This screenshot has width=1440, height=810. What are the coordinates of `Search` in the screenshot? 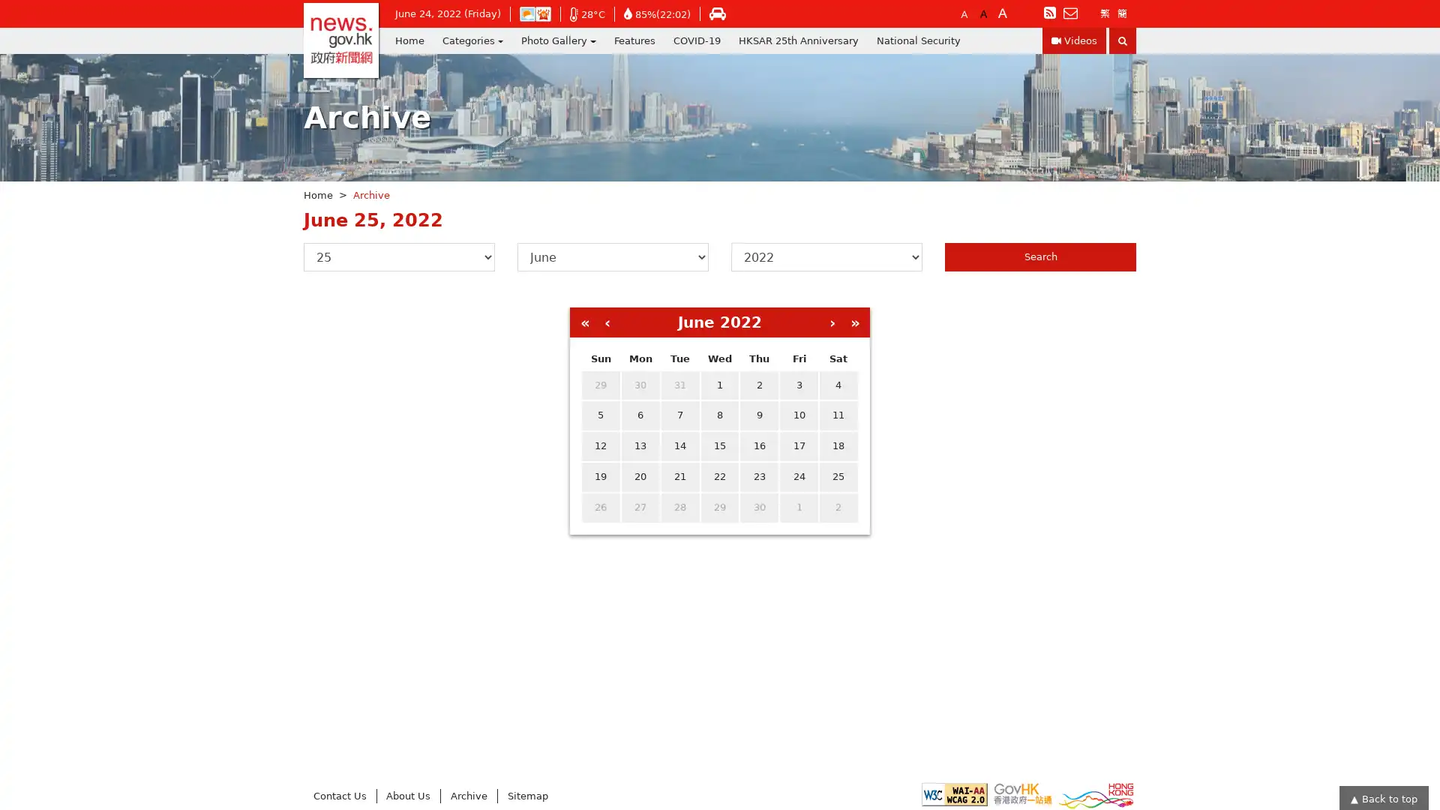 It's located at (1039, 256).